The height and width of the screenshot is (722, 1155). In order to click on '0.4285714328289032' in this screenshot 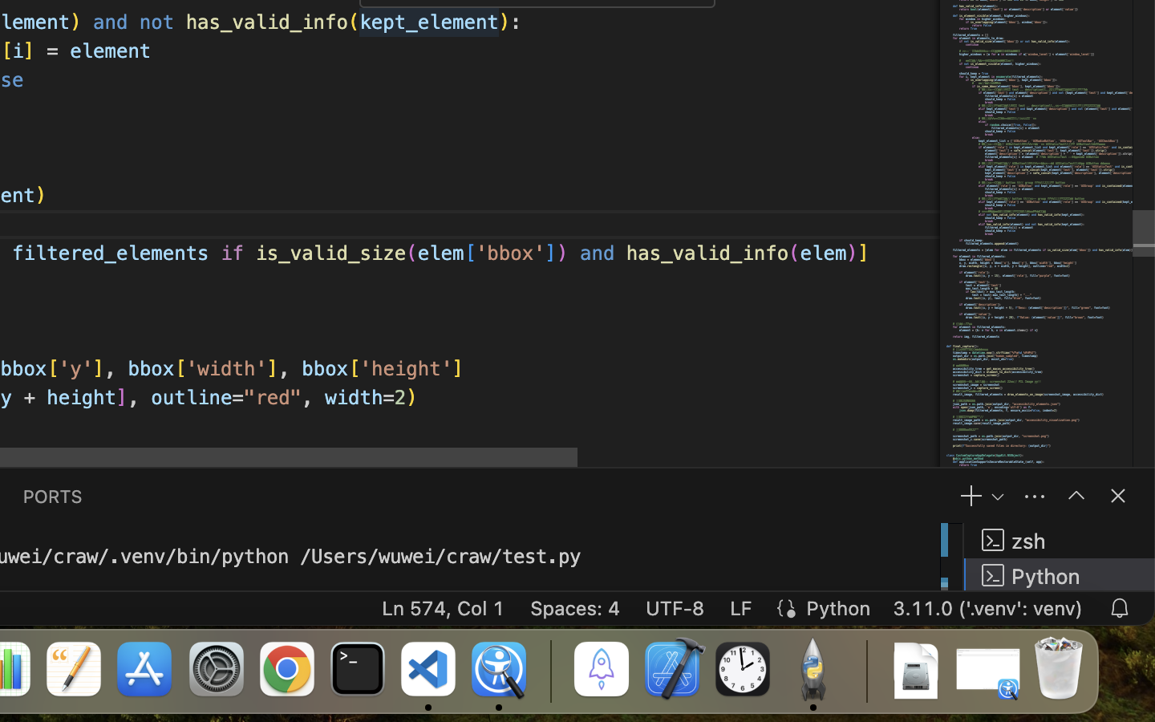, I will do `click(549, 670)`.